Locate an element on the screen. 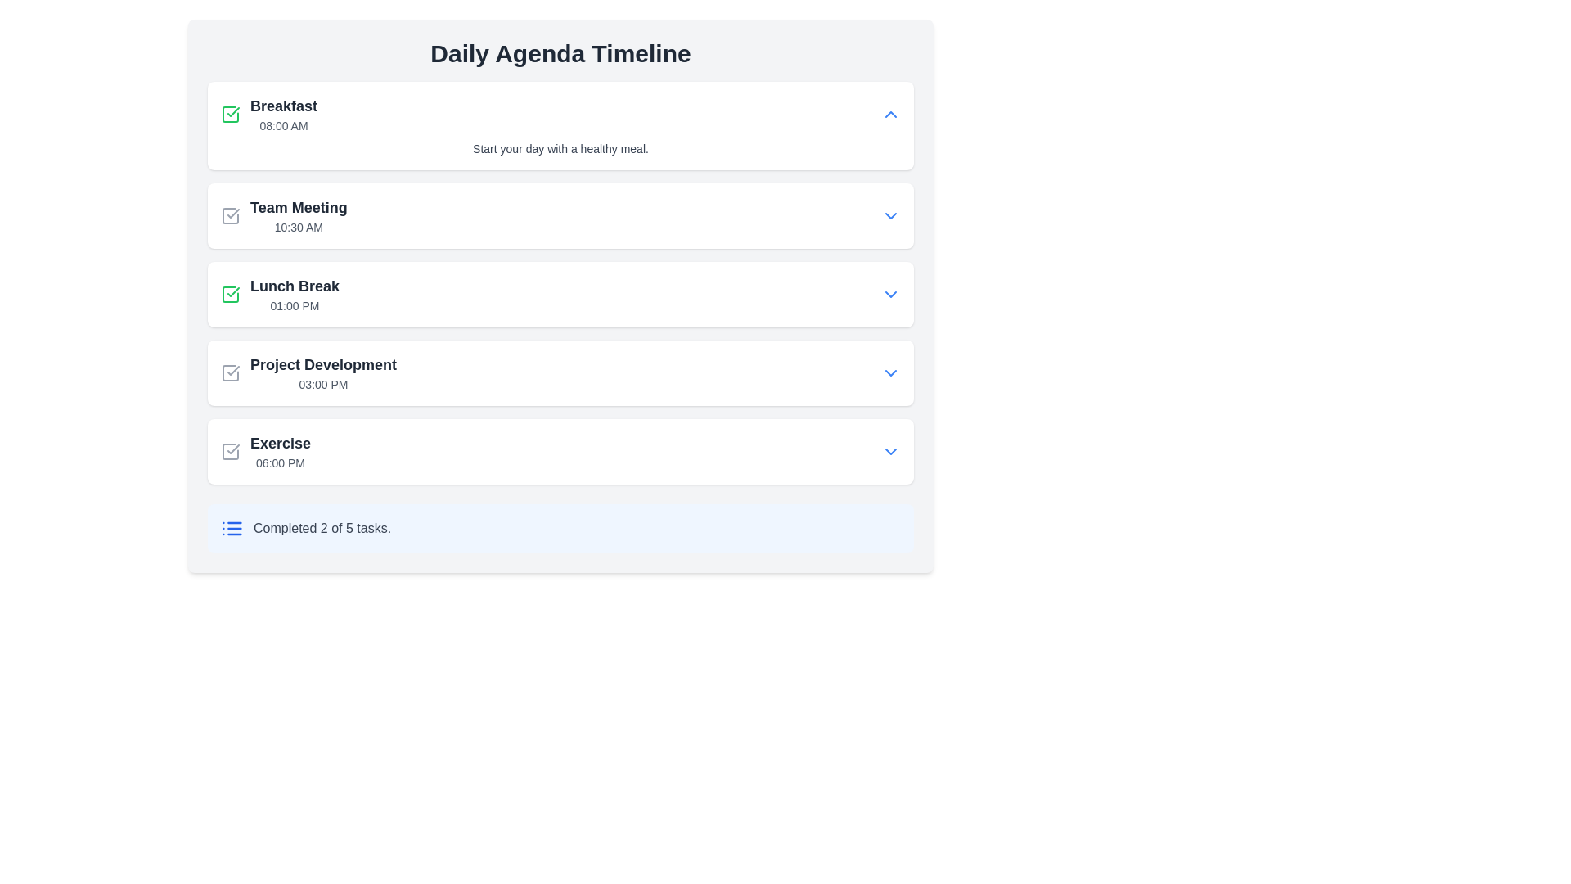 The image size is (1571, 884). the state of the check-mark icon within the square that indicates completion for the first agenda item labeled 'Breakfast' is located at coordinates (232, 291).